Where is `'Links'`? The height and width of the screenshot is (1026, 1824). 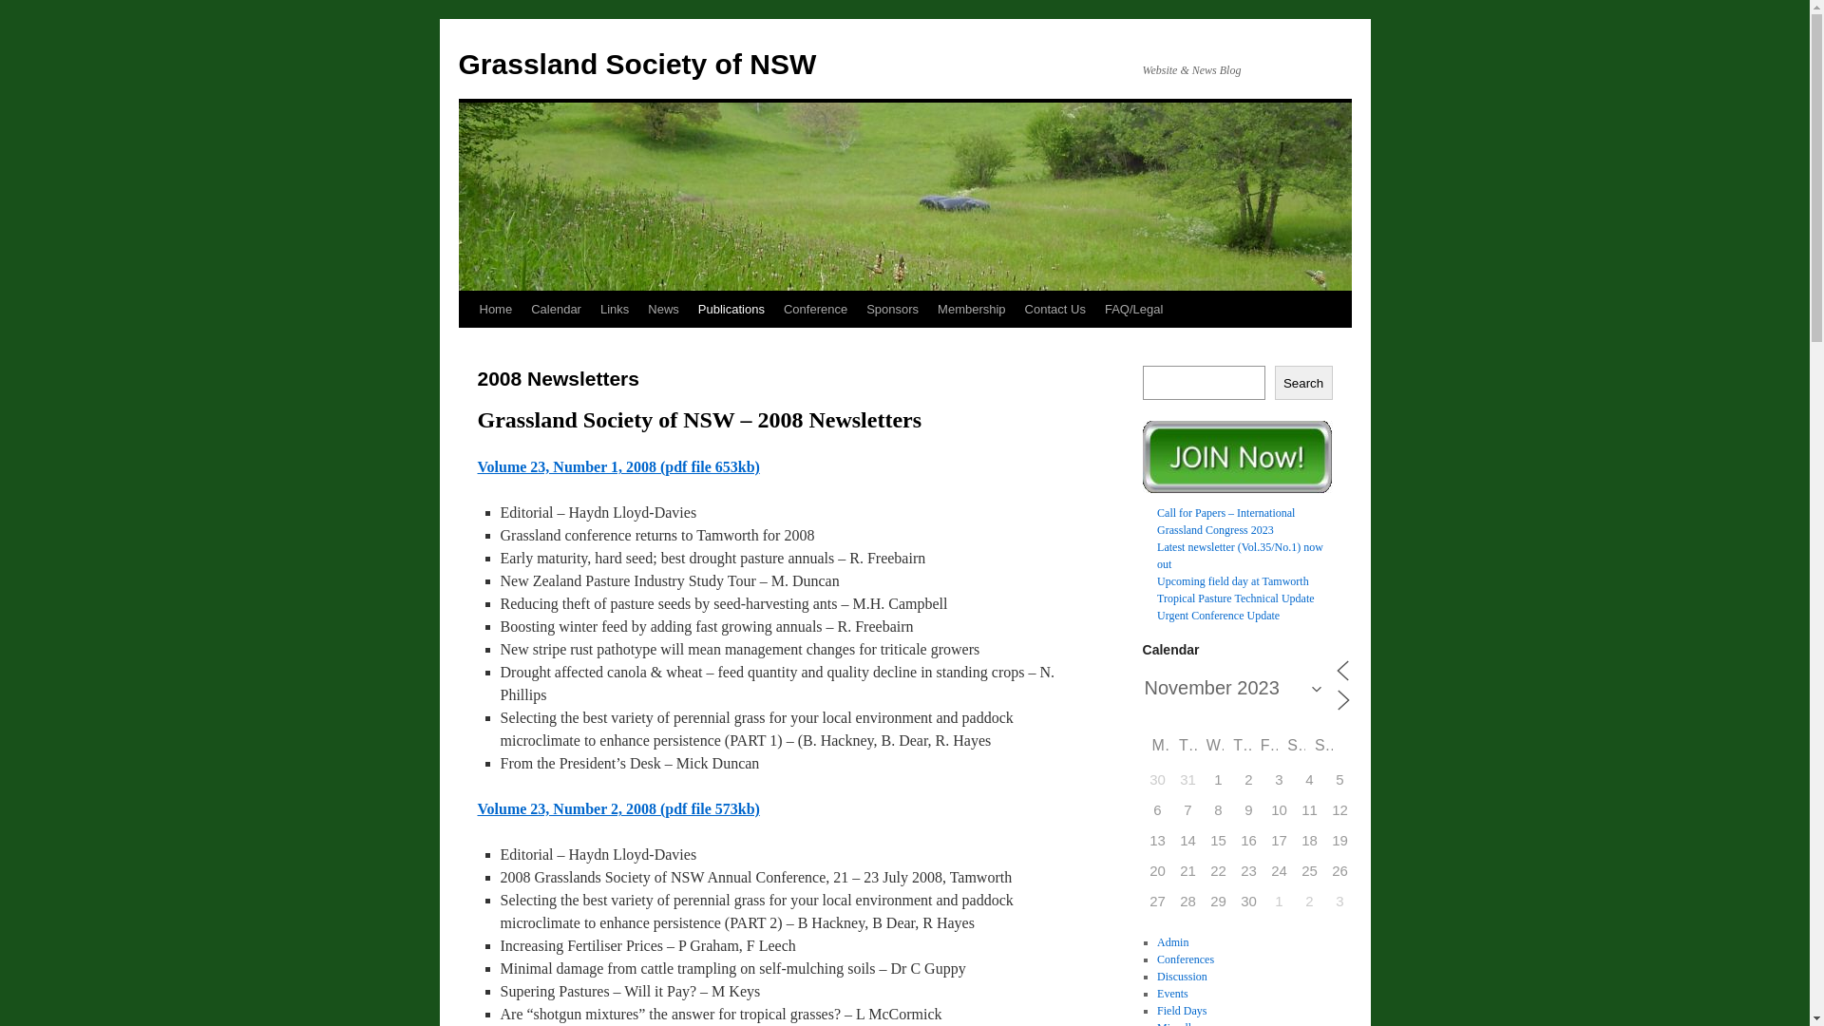
'Links' is located at coordinates (615, 309).